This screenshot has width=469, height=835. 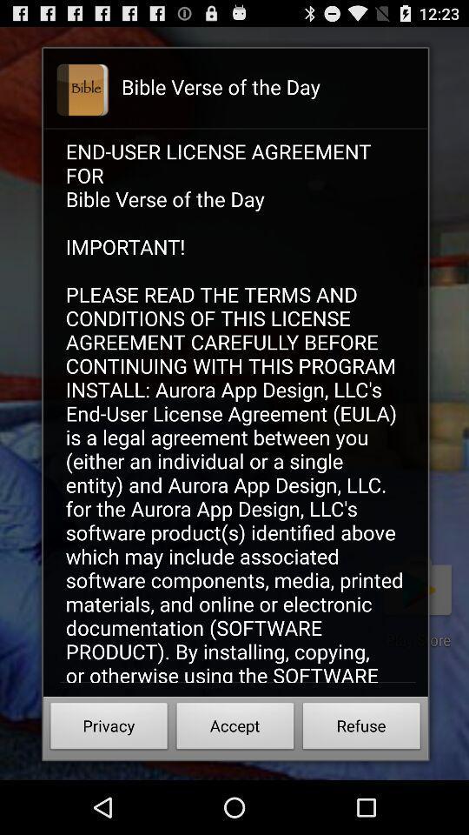 I want to click on icon to the left of refuse item, so click(x=234, y=728).